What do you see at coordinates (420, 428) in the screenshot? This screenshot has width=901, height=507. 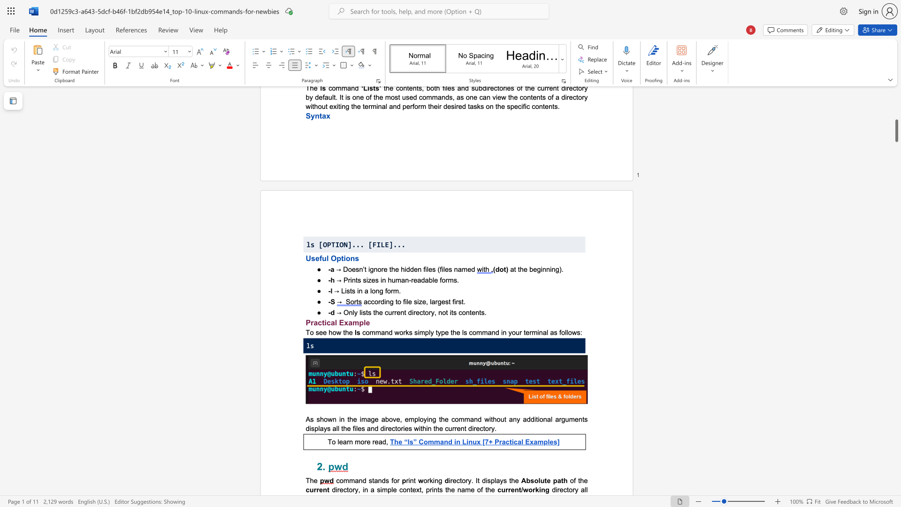 I see `the subset text "thin the current directory." within the text "arguments displays all the files and directories within the current directory."` at bounding box center [420, 428].